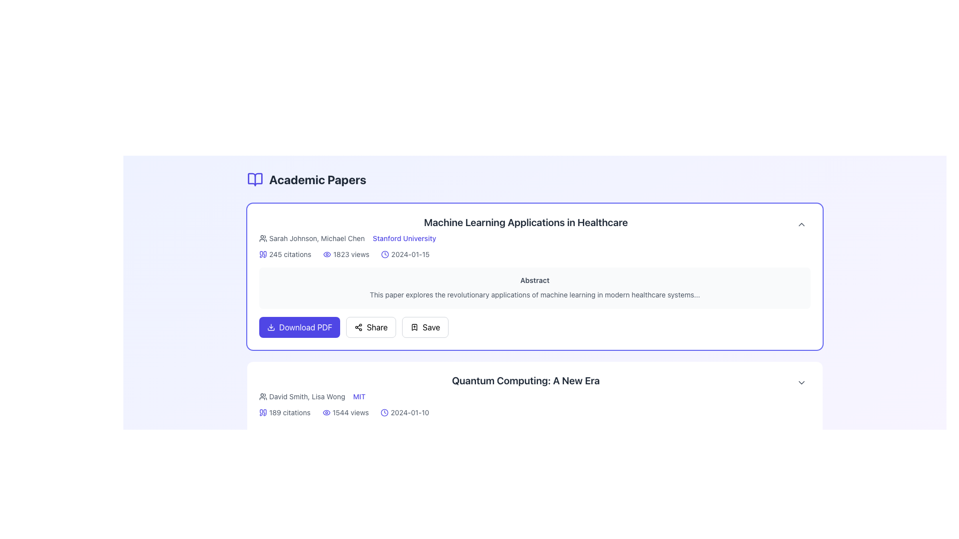 The image size is (959, 539). What do you see at coordinates (299, 327) in the screenshot?
I see `the 'Download PDF' button with rounded corners and a blue background located at the bottom-left corner of the 'Machine Learning Applications in Healthcare' card` at bounding box center [299, 327].